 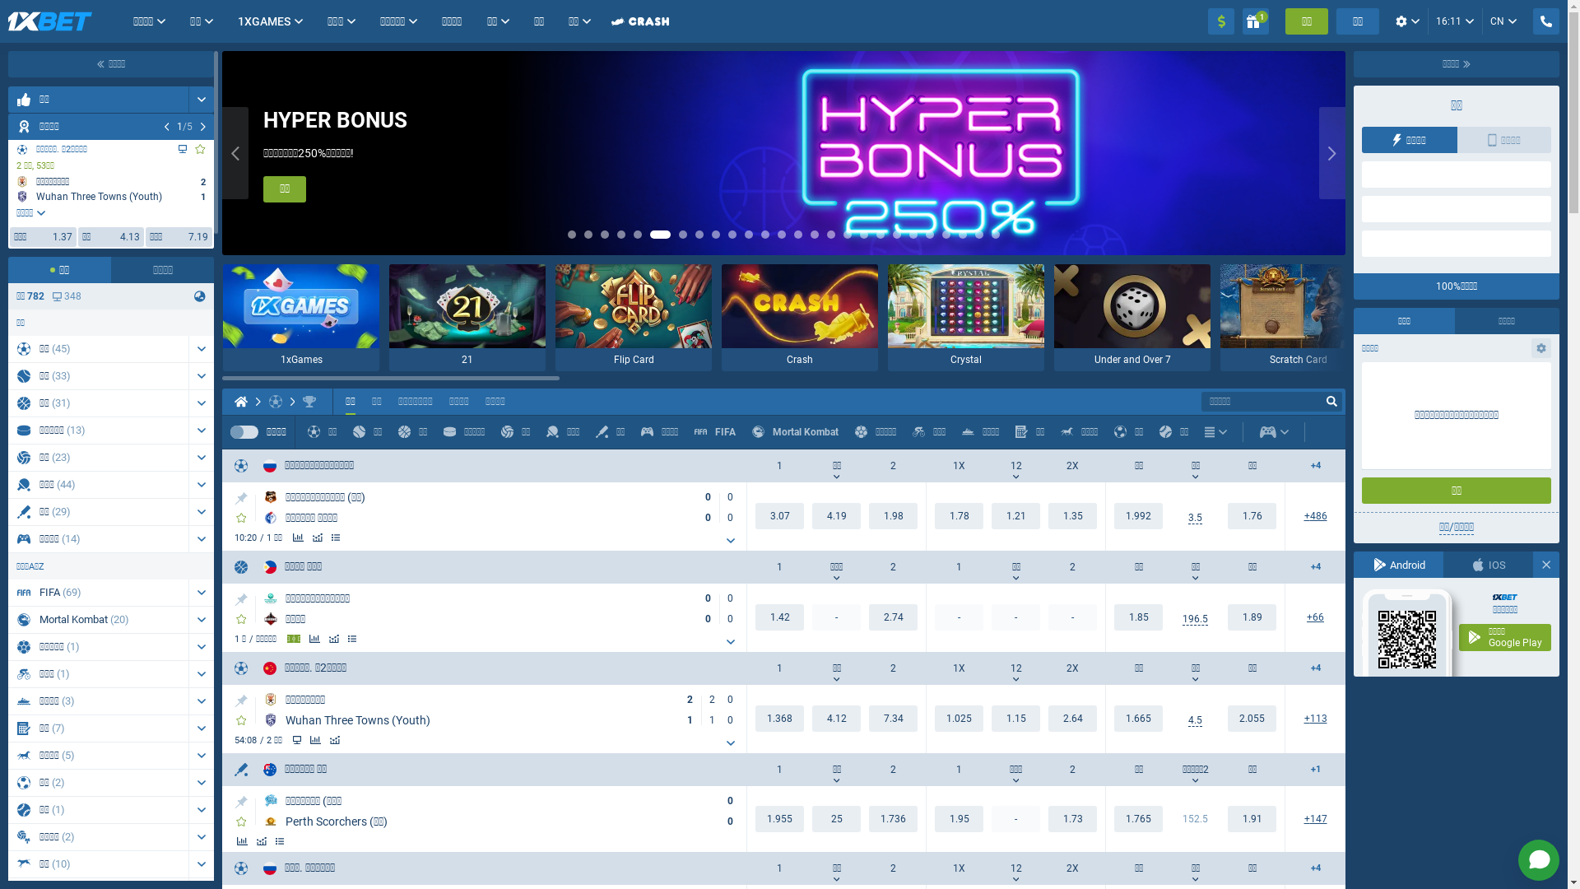 I want to click on '-', so click(x=1072, y=617).